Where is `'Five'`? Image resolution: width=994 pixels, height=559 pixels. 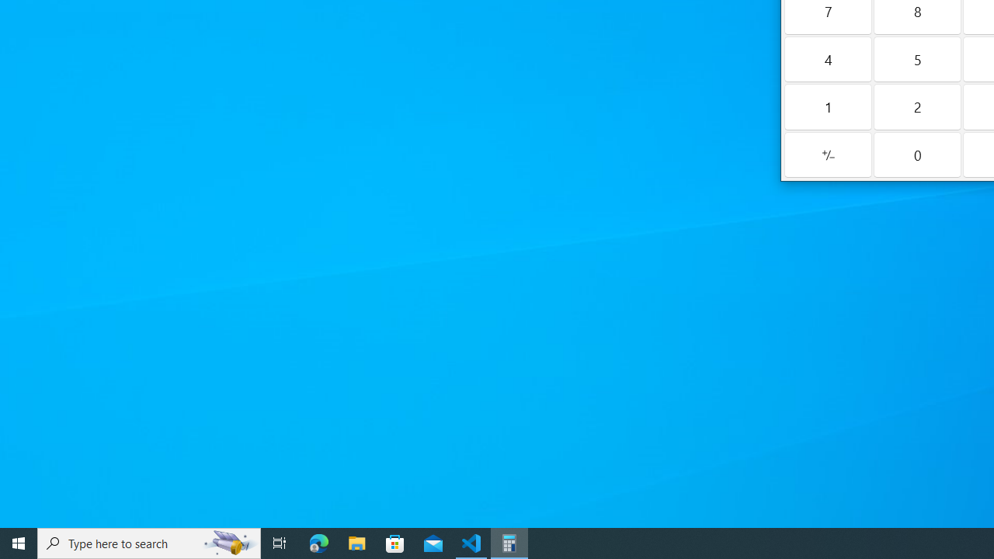
'Five' is located at coordinates (917, 58).